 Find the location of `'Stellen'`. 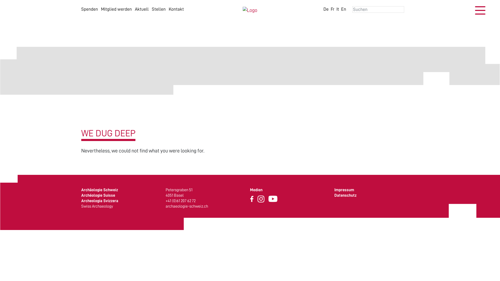

'Stellen' is located at coordinates (158, 9).